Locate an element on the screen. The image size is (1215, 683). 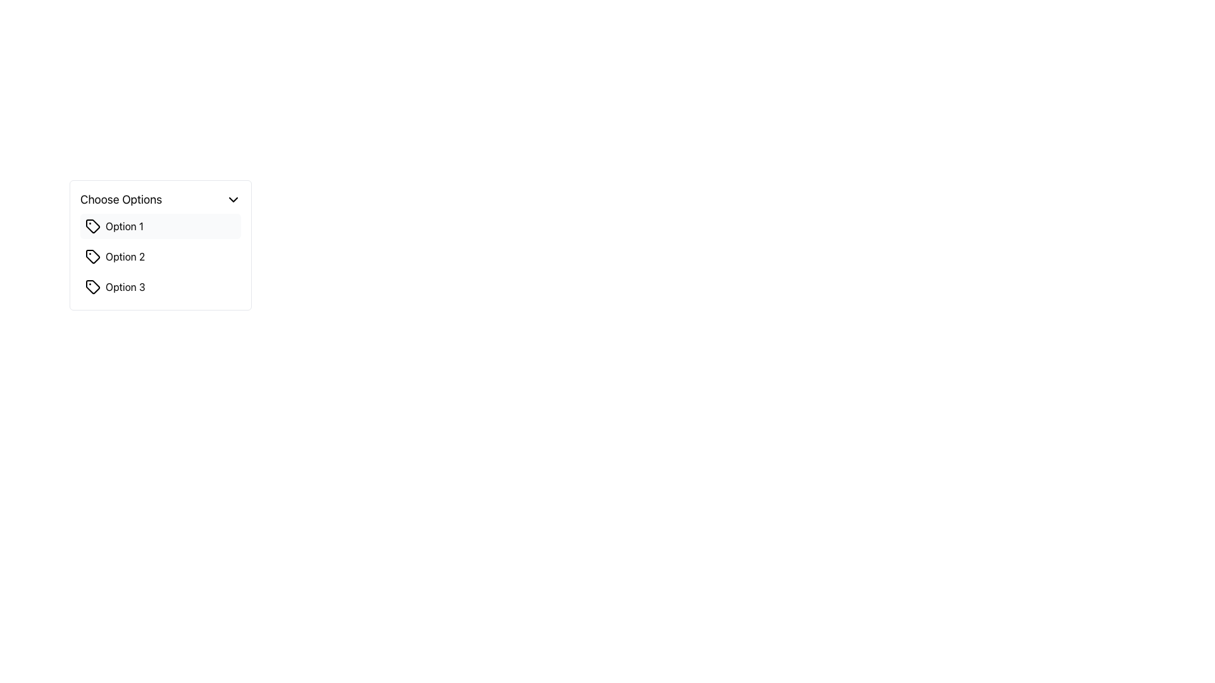
the 'Option 2' text label in the dropdown menu is located at coordinates (125, 256).